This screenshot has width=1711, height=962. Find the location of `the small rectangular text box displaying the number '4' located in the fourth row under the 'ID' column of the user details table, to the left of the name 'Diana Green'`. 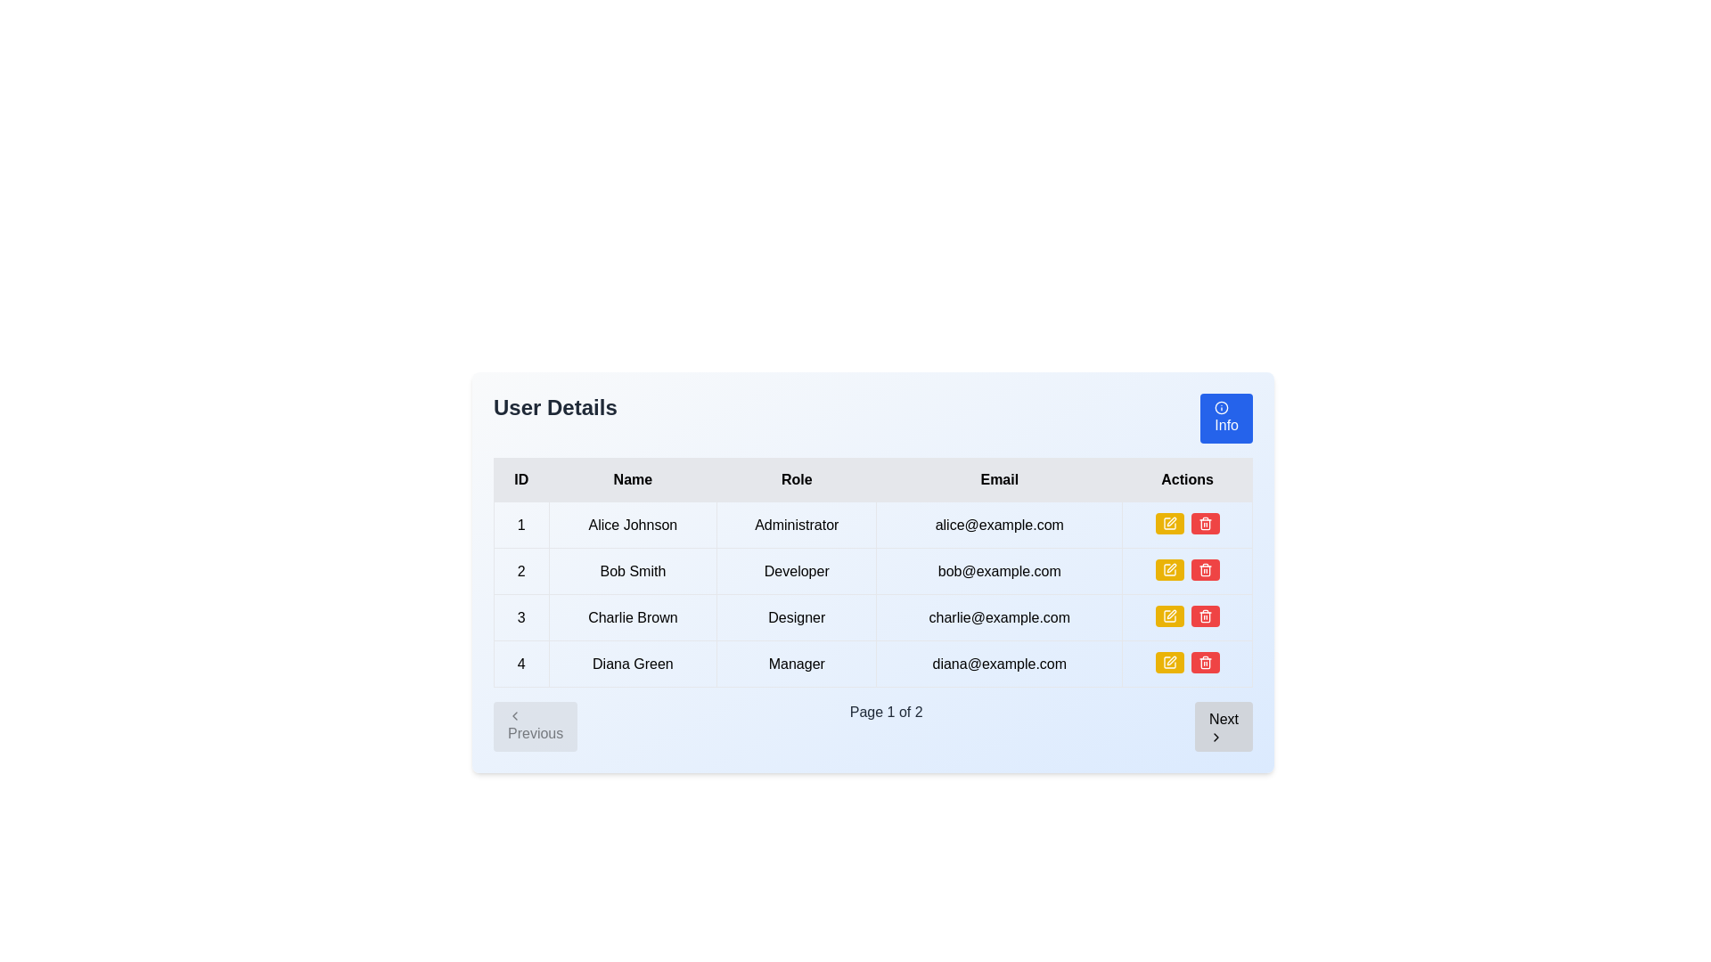

the small rectangular text box displaying the number '4' located in the fourth row under the 'ID' column of the user details table, to the left of the name 'Diana Green' is located at coordinates (520, 664).